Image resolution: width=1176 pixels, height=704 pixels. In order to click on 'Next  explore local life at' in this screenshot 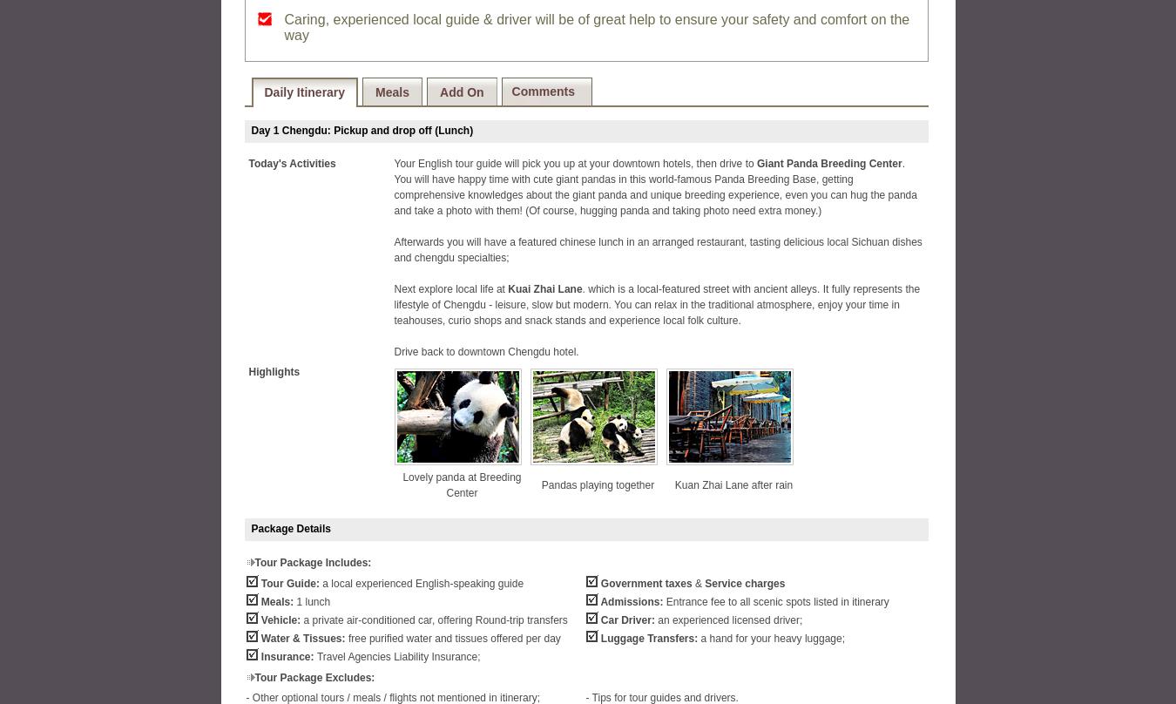, I will do `click(449, 288)`.